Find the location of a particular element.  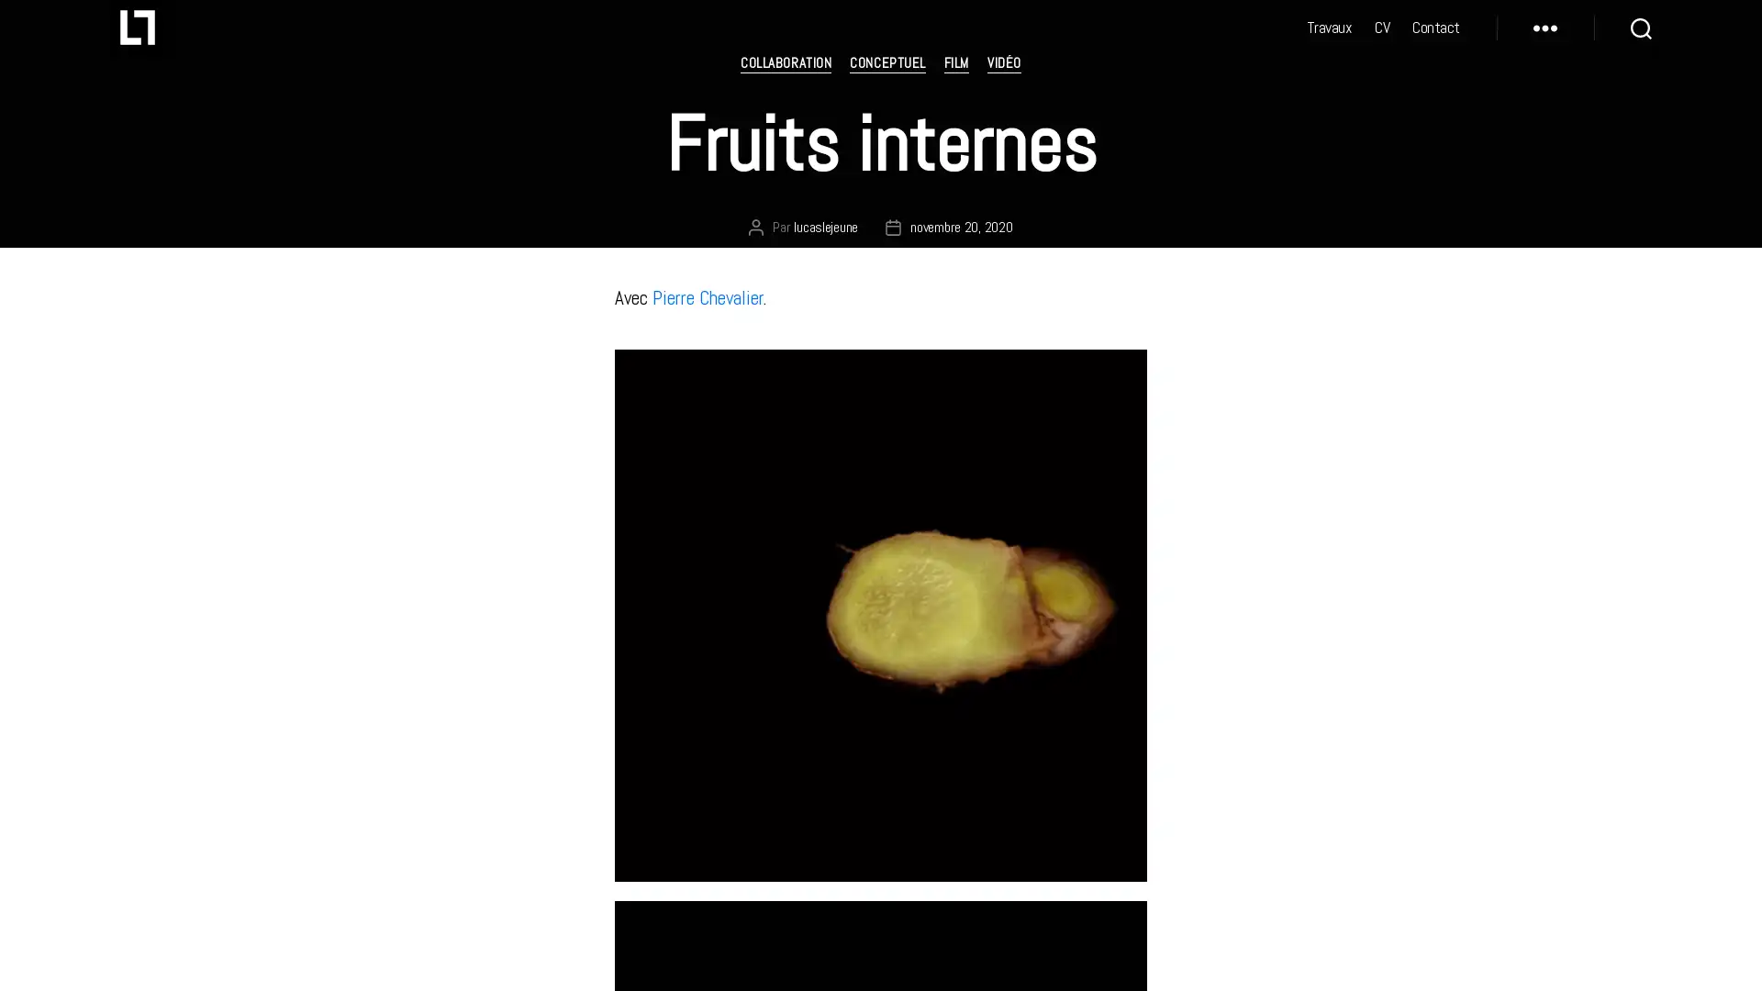

Recherche is located at coordinates (1641, 41).